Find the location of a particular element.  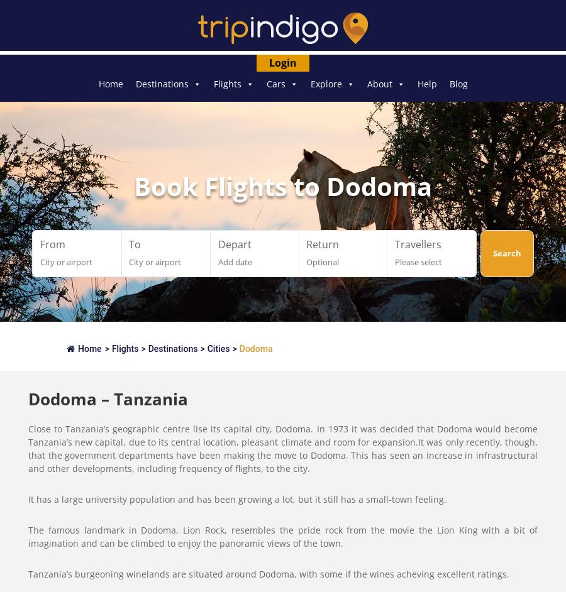

'Island' is located at coordinates (304, 173).